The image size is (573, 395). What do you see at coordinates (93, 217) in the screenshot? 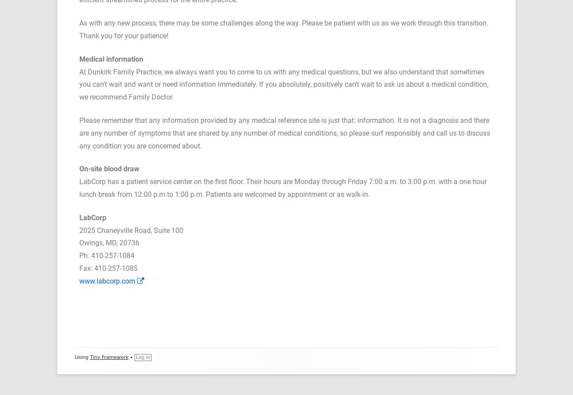
I see `'LabCorp'` at bounding box center [93, 217].